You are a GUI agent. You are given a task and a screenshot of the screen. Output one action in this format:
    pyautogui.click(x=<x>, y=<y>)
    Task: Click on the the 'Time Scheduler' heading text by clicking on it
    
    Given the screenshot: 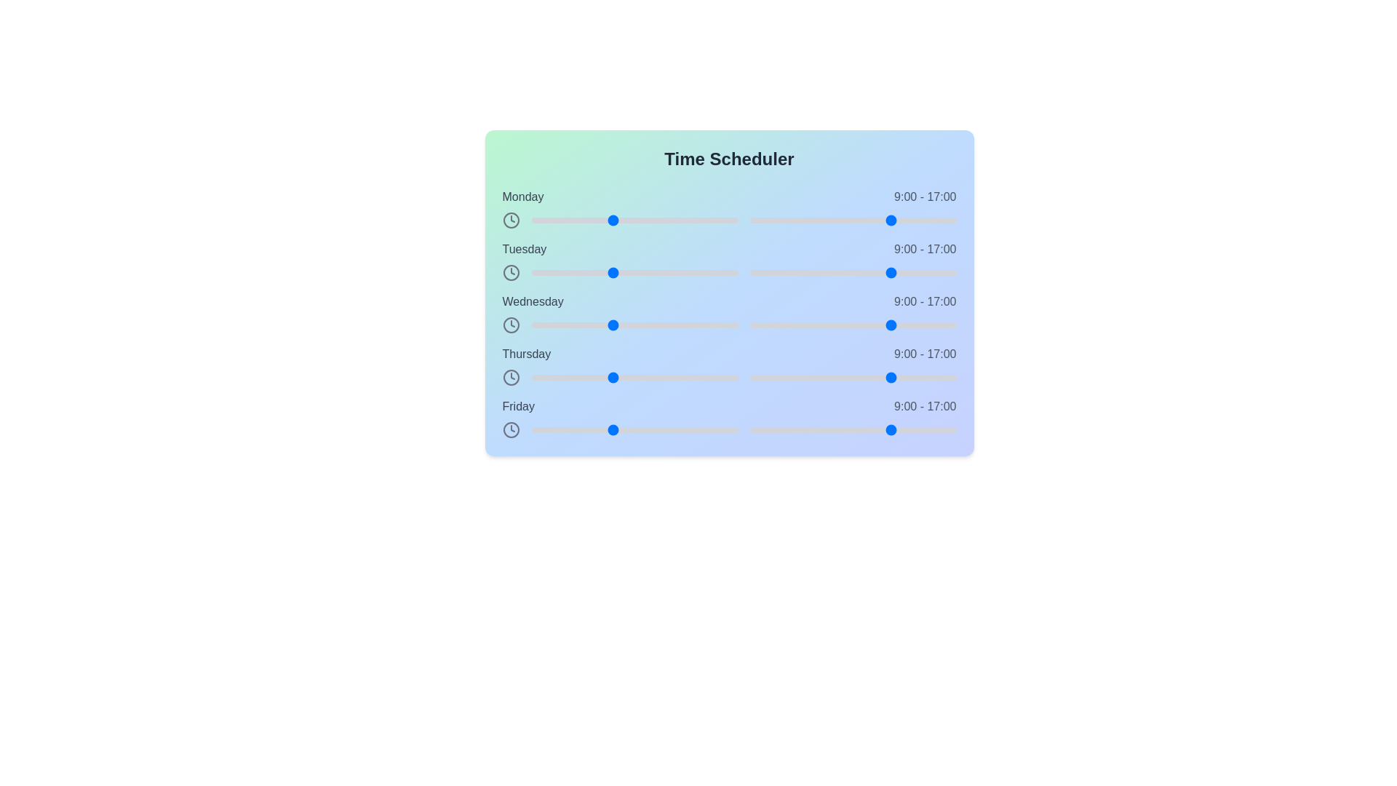 What is the action you would take?
    pyautogui.click(x=729, y=159)
    